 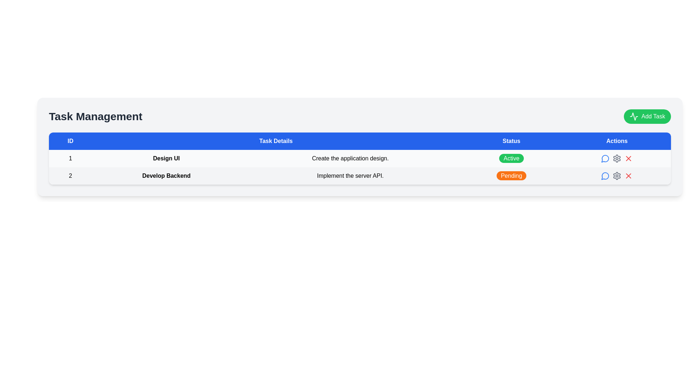 What do you see at coordinates (70, 141) in the screenshot?
I see `the Table Header Cell with a blue background and white text displaying 'ID', located in the top-left corner of the table's header row` at bounding box center [70, 141].